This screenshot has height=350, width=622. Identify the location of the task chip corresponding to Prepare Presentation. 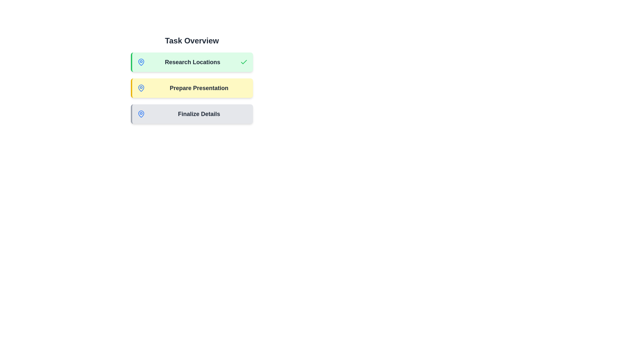
(191, 88).